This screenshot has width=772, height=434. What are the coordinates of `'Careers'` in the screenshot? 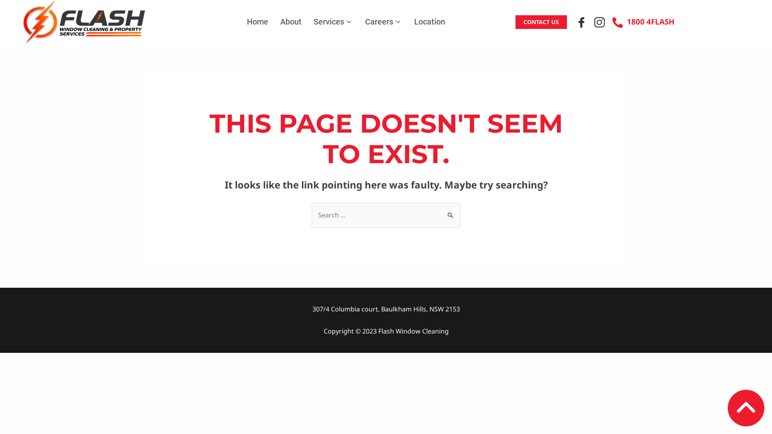 It's located at (383, 21).